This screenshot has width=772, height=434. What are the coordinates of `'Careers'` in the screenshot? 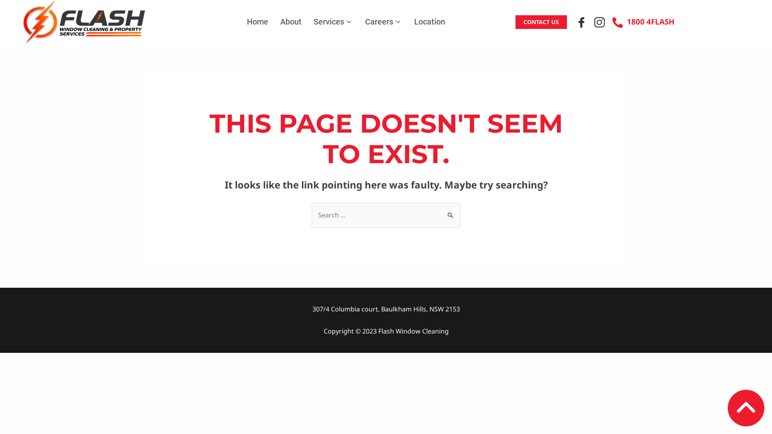 It's located at (383, 21).